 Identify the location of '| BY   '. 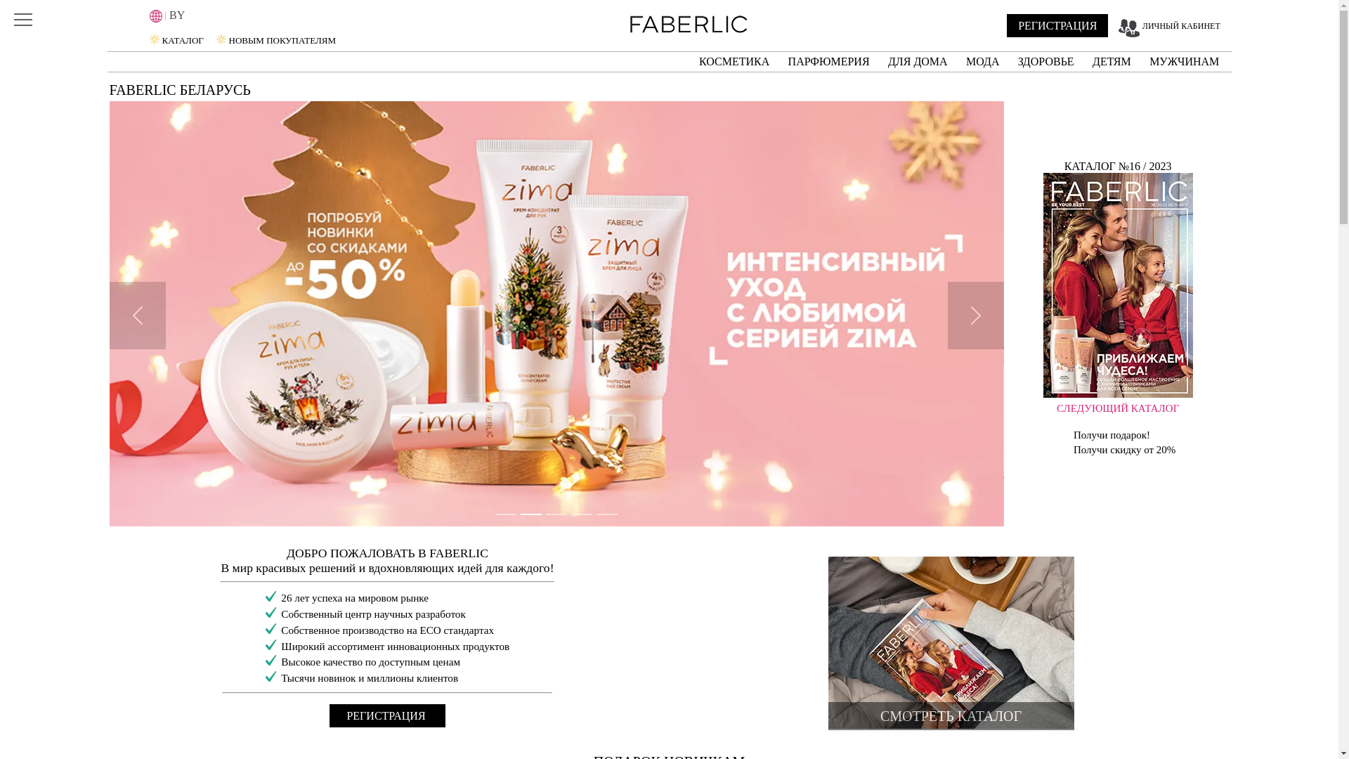
(211, 15).